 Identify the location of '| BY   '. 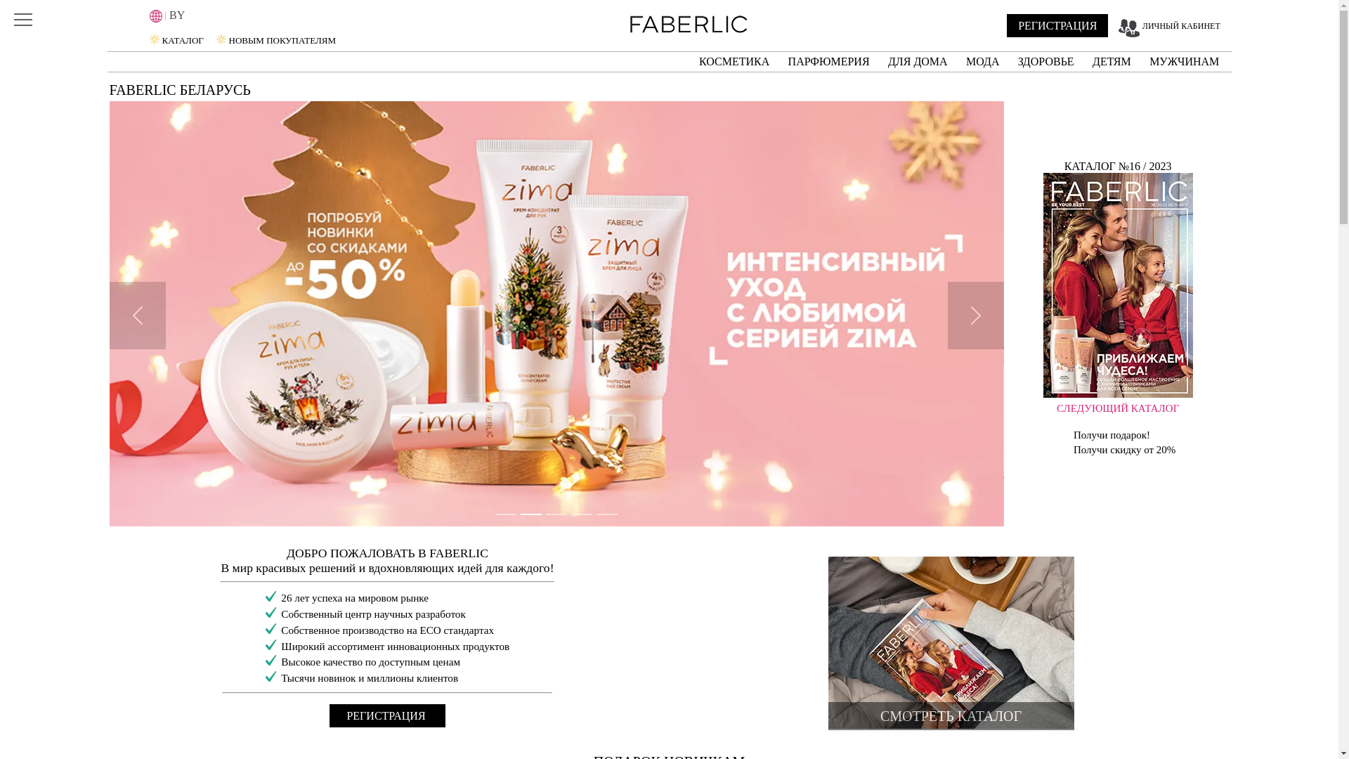
(211, 15).